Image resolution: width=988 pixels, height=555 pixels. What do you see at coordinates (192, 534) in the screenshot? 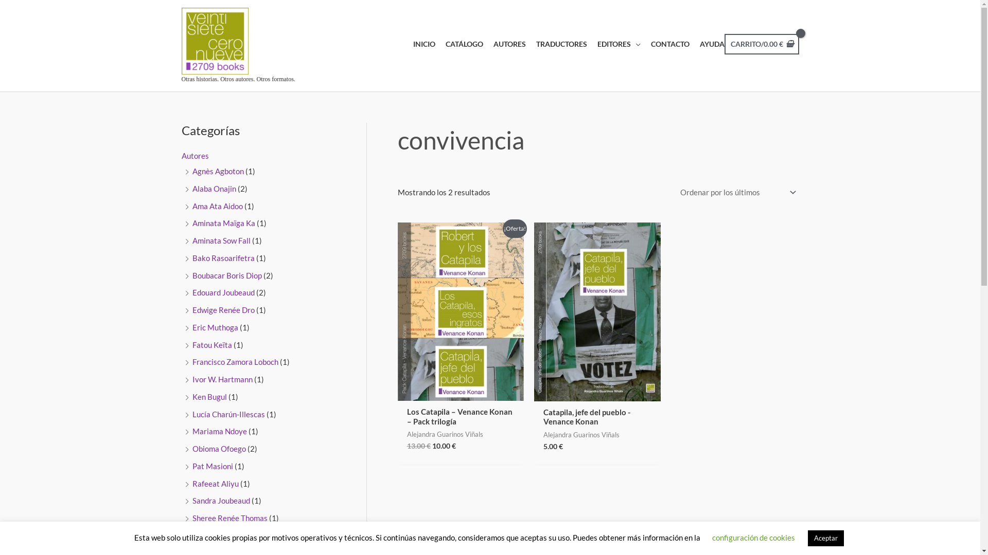
I see `'Sleeping Pop'` at bounding box center [192, 534].